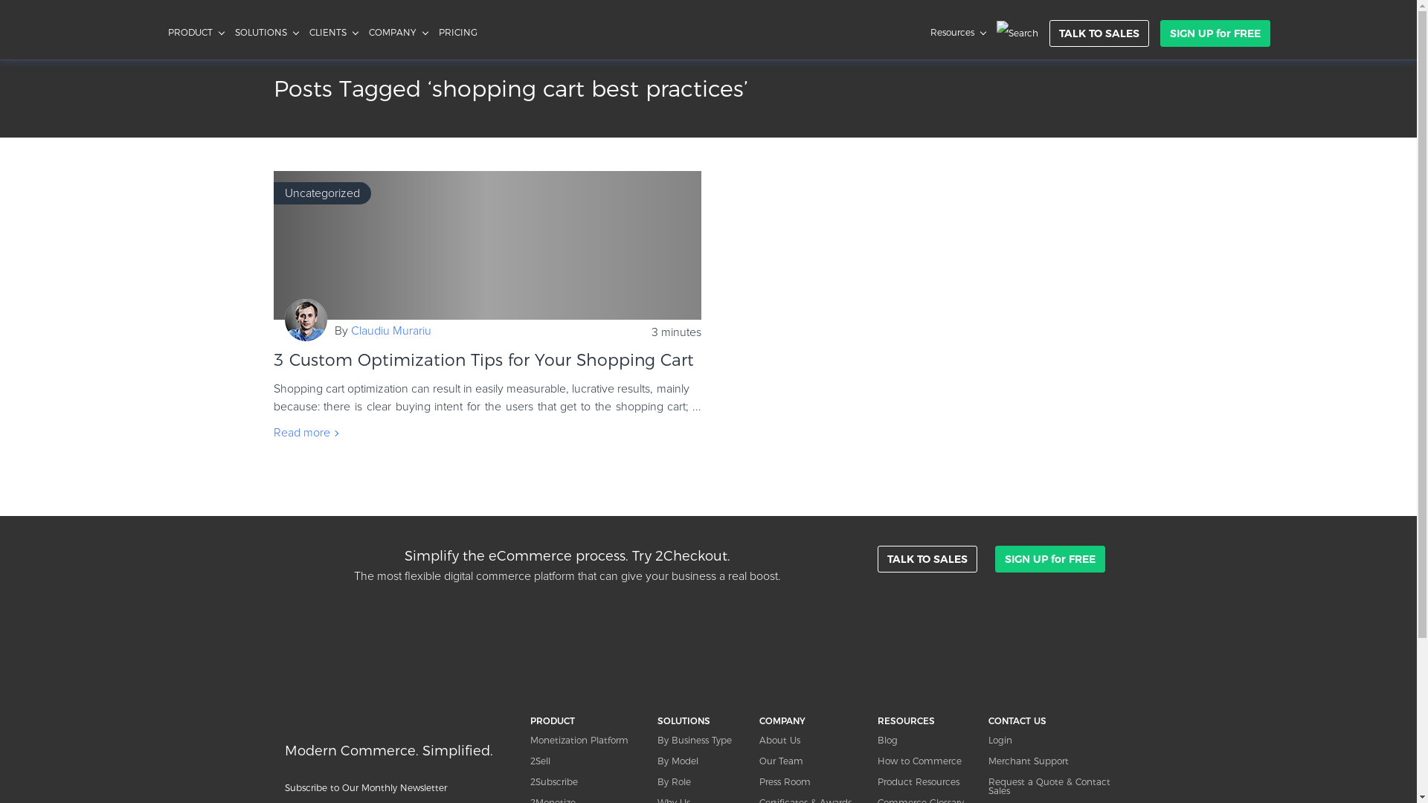 The height and width of the screenshot is (803, 1428). Describe the element at coordinates (1059, 740) in the screenshot. I see `'Login'` at that location.